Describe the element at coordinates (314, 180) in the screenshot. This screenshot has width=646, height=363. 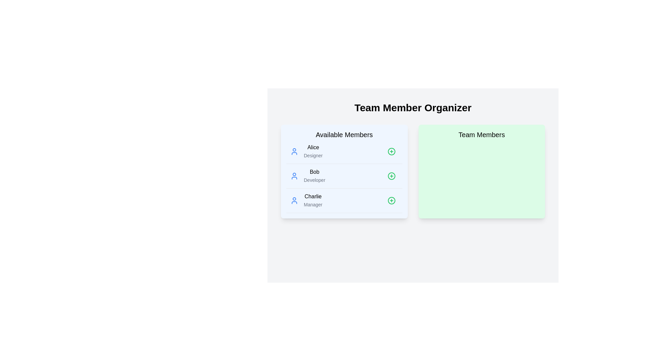
I see `the text label indicating 'Developer' for the user named 'Bob', located beneath the text 'Bob' in the 'Available Members' section` at that location.